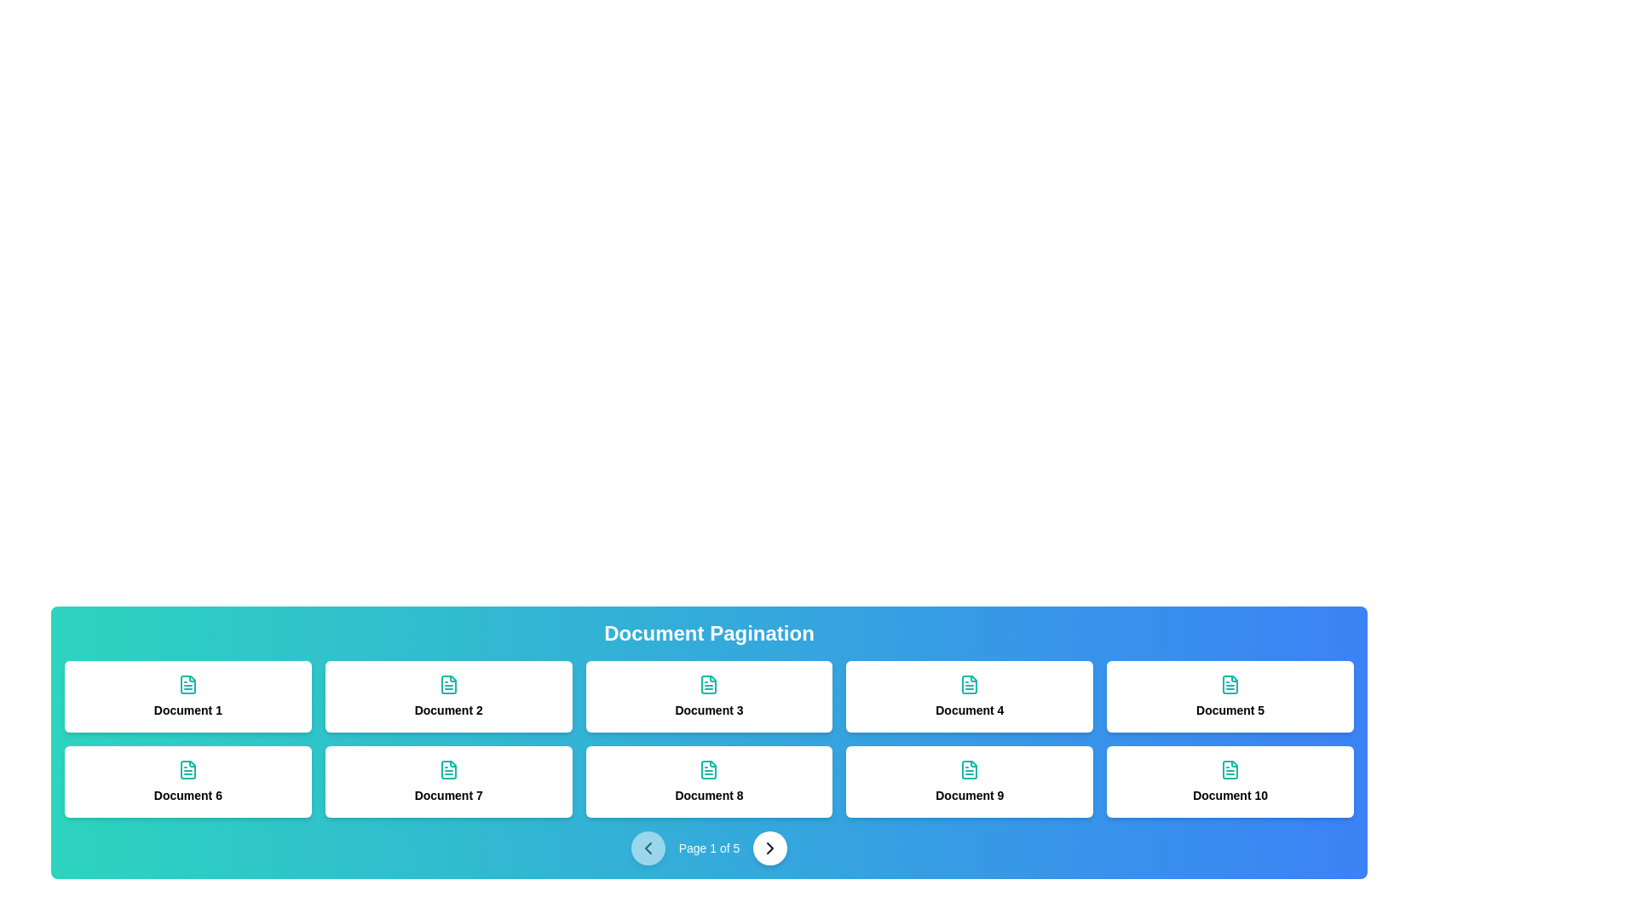 The width and height of the screenshot is (1636, 920). I want to click on the Button-like selectable card in the second column of the second row, so click(448, 782).